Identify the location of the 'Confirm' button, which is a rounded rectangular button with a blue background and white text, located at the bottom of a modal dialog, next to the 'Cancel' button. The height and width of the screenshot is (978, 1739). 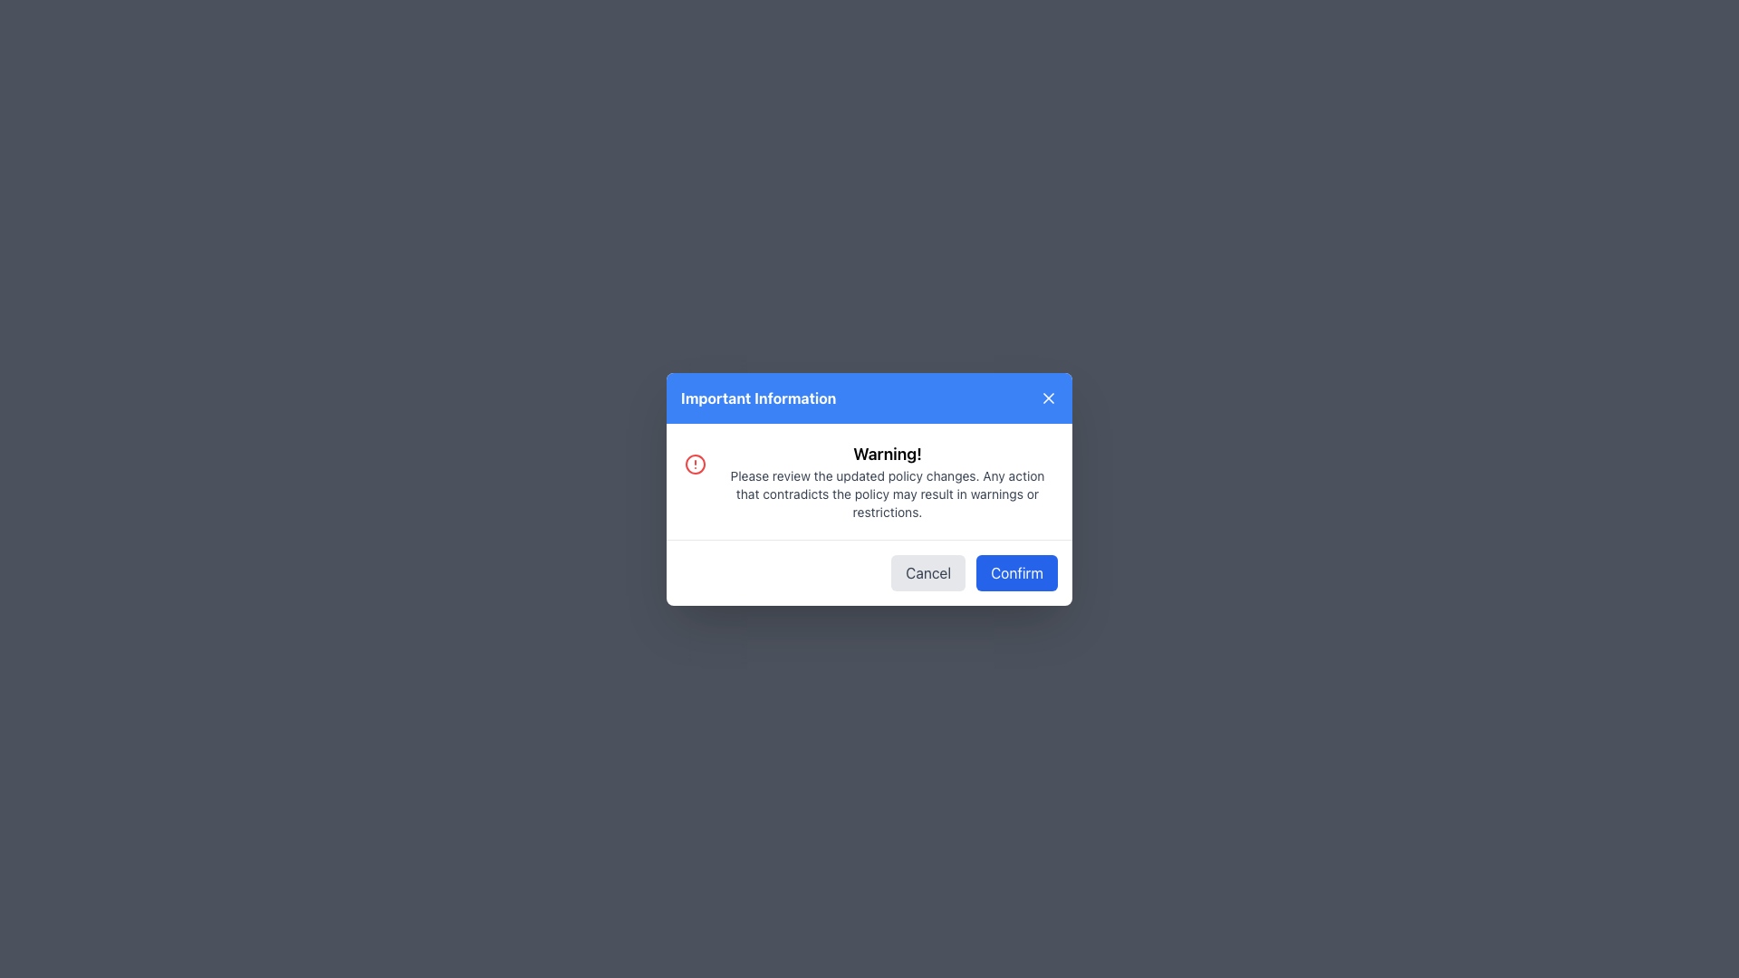
(1017, 572).